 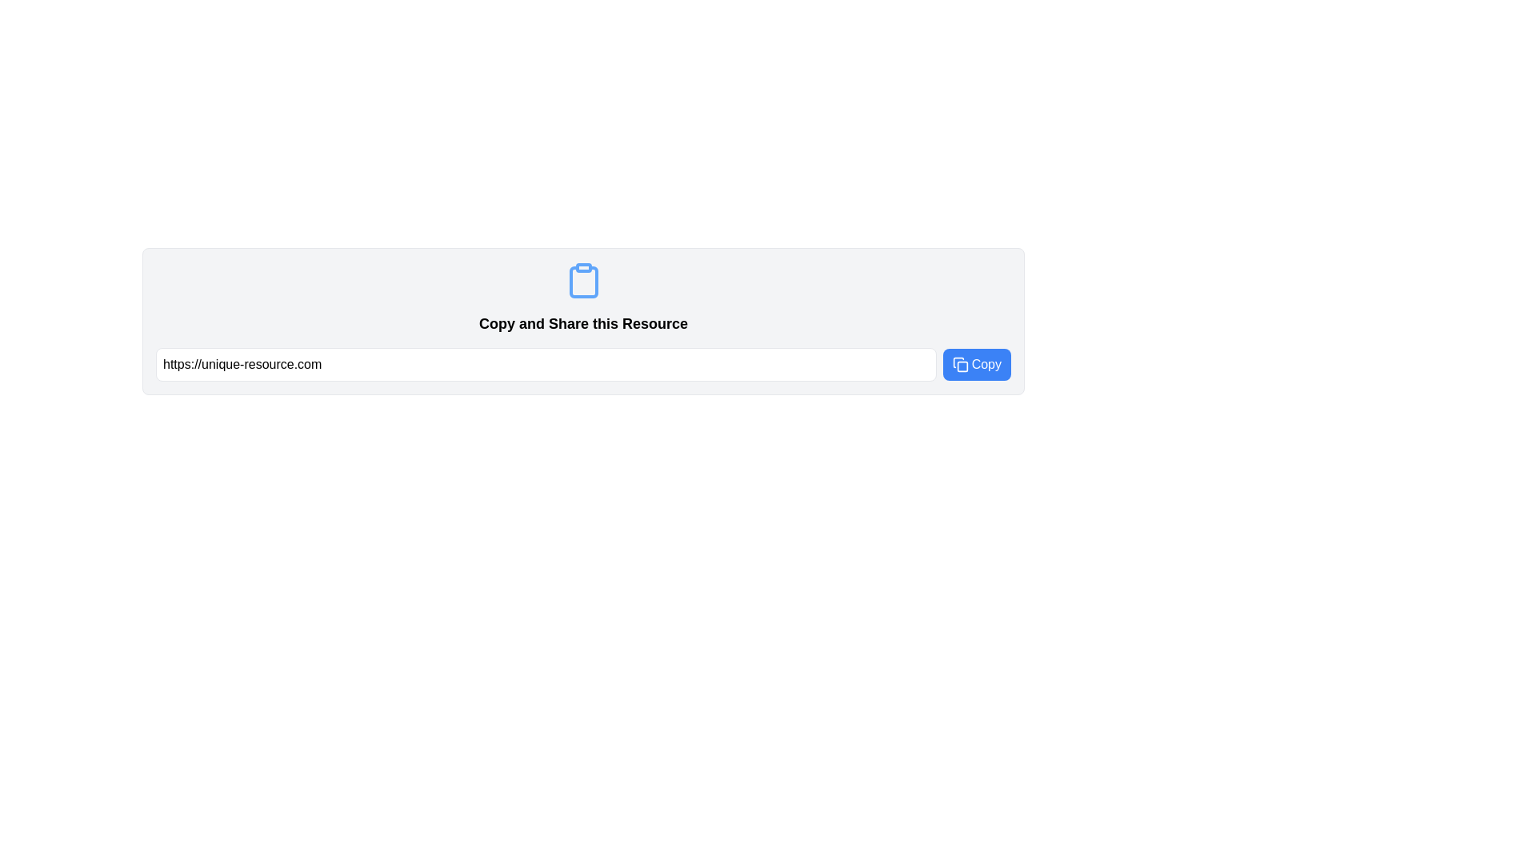 I want to click on the small square with rounded corners, styled with a blue border and light blue fill, located in the top-right corner of the clipboard icon, near the 'Copy' button, so click(x=962, y=366).